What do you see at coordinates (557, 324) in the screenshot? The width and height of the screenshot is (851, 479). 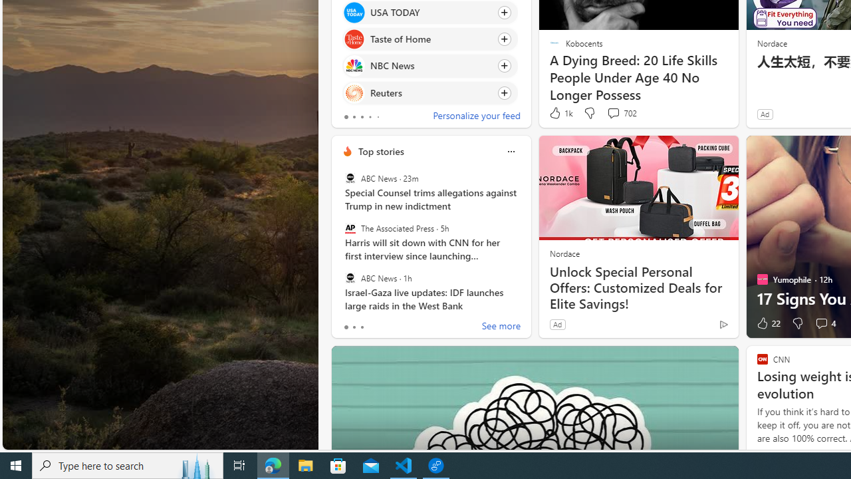 I see `'Ad'` at bounding box center [557, 324].